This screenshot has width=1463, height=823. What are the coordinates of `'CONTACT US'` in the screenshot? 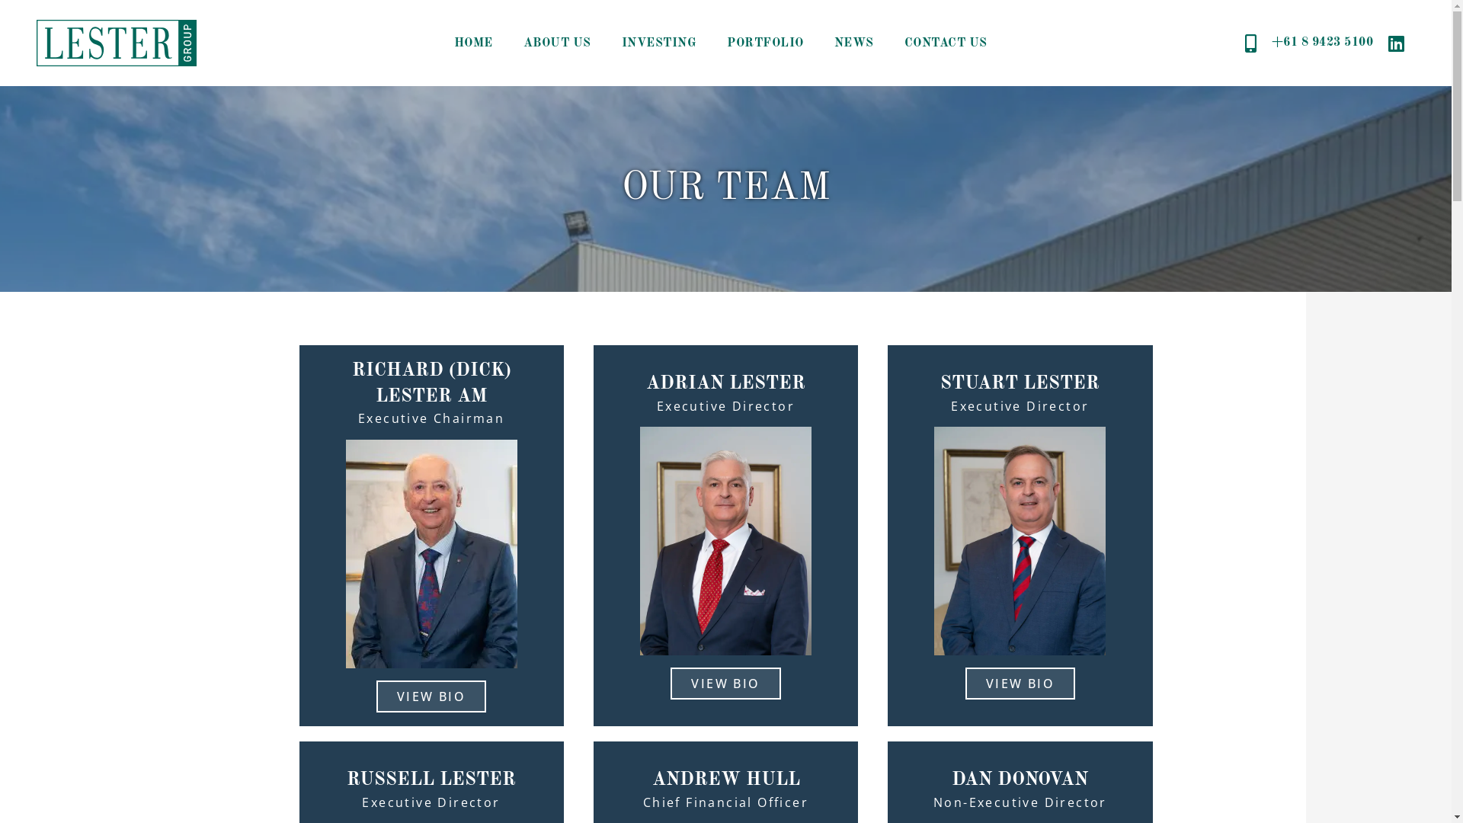 It's located at (945, 43).